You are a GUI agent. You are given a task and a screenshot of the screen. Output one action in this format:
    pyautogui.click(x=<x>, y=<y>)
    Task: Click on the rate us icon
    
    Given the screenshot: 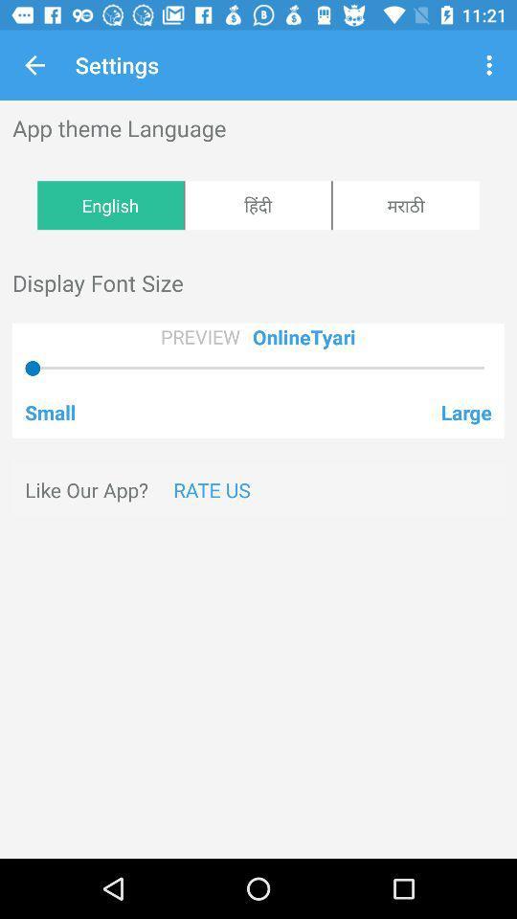 What is the action you would take?
    pyautogui.click(x=211, y=488)
    